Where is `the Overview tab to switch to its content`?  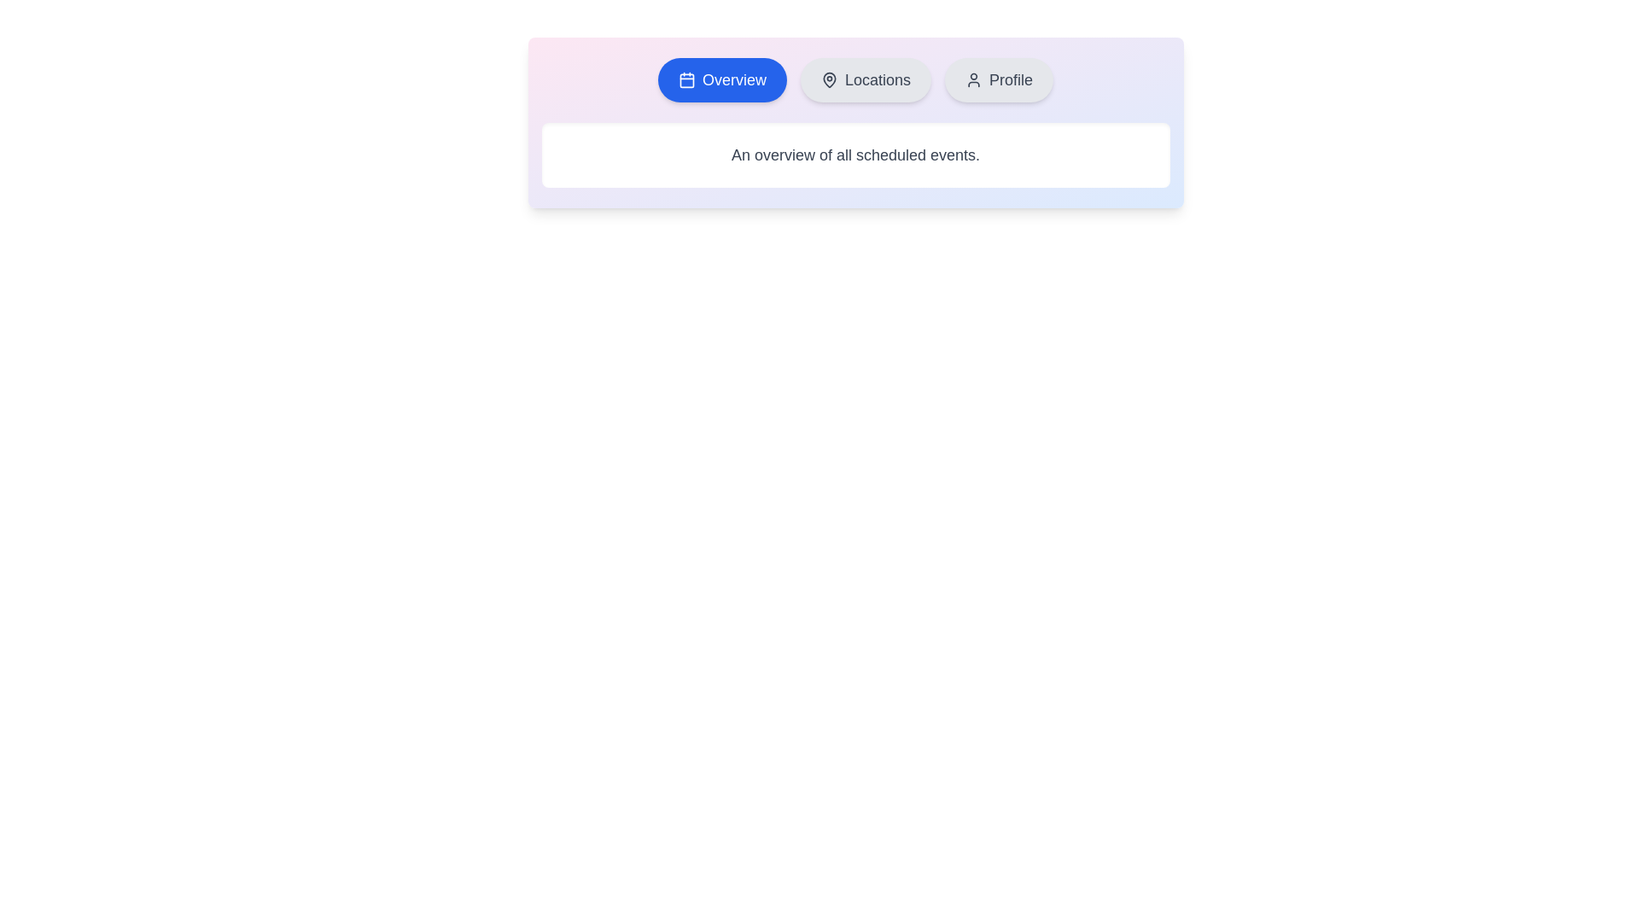
the Overview tab to switch to its content is located at coordinates (721, 79).